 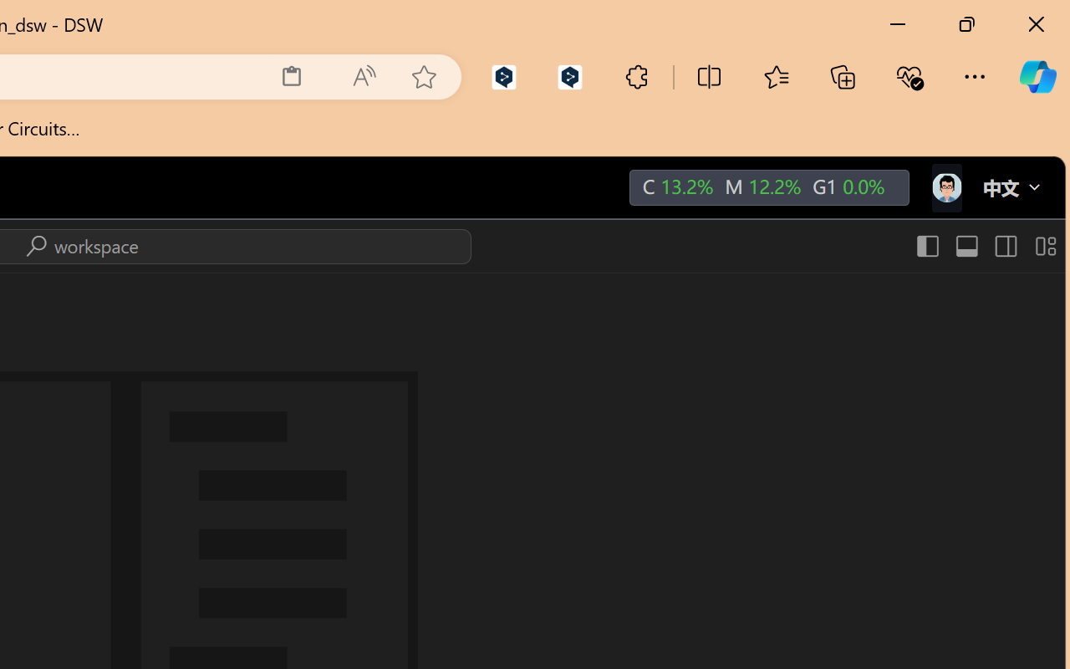 What do you see at coordinates (1037, 76) in the screenshot?
I see `'Copilot (Ctrl+Shift+.)'` at bounding box center [1037, 76].